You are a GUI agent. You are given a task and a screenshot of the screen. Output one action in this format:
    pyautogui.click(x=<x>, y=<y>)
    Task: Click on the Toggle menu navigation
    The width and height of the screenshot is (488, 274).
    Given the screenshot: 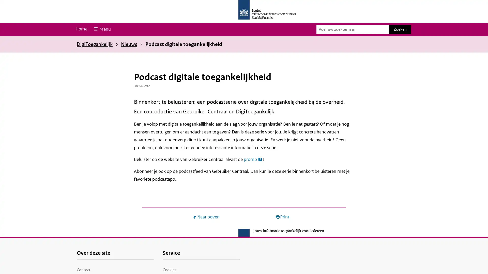 What is the action you would take?
    pyautogui.click(x=102, y=29)
    